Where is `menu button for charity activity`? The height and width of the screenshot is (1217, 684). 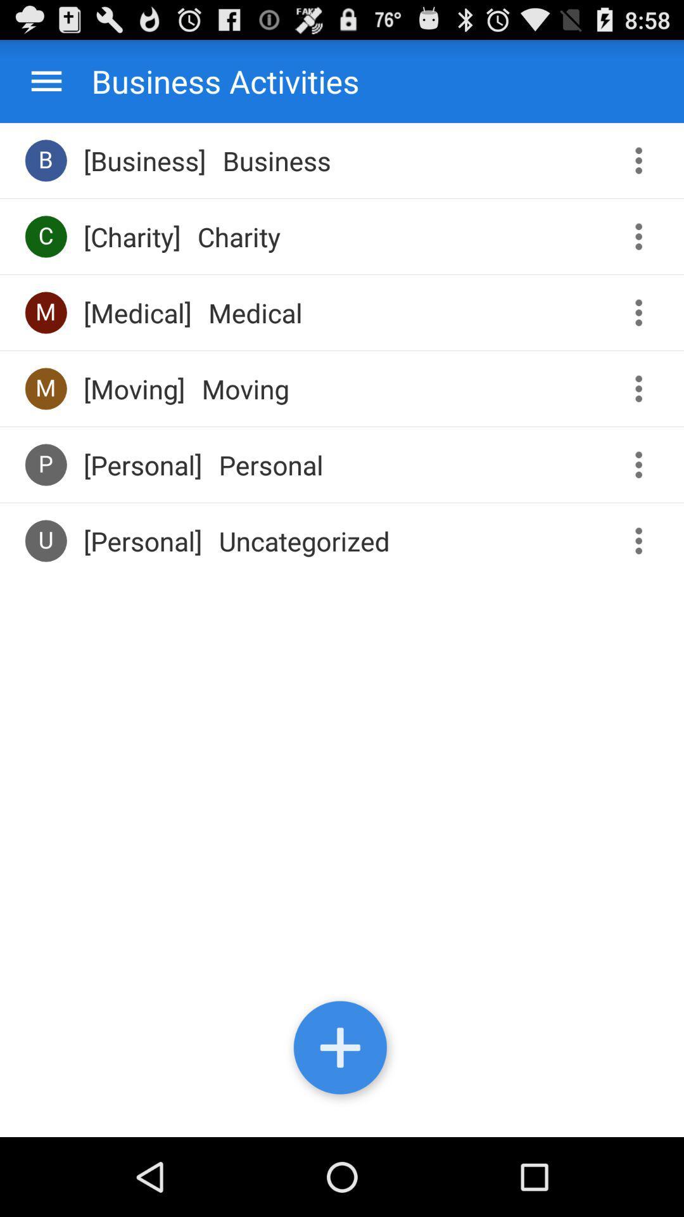
menu button for charity activity is located at coordinates (643, 236).